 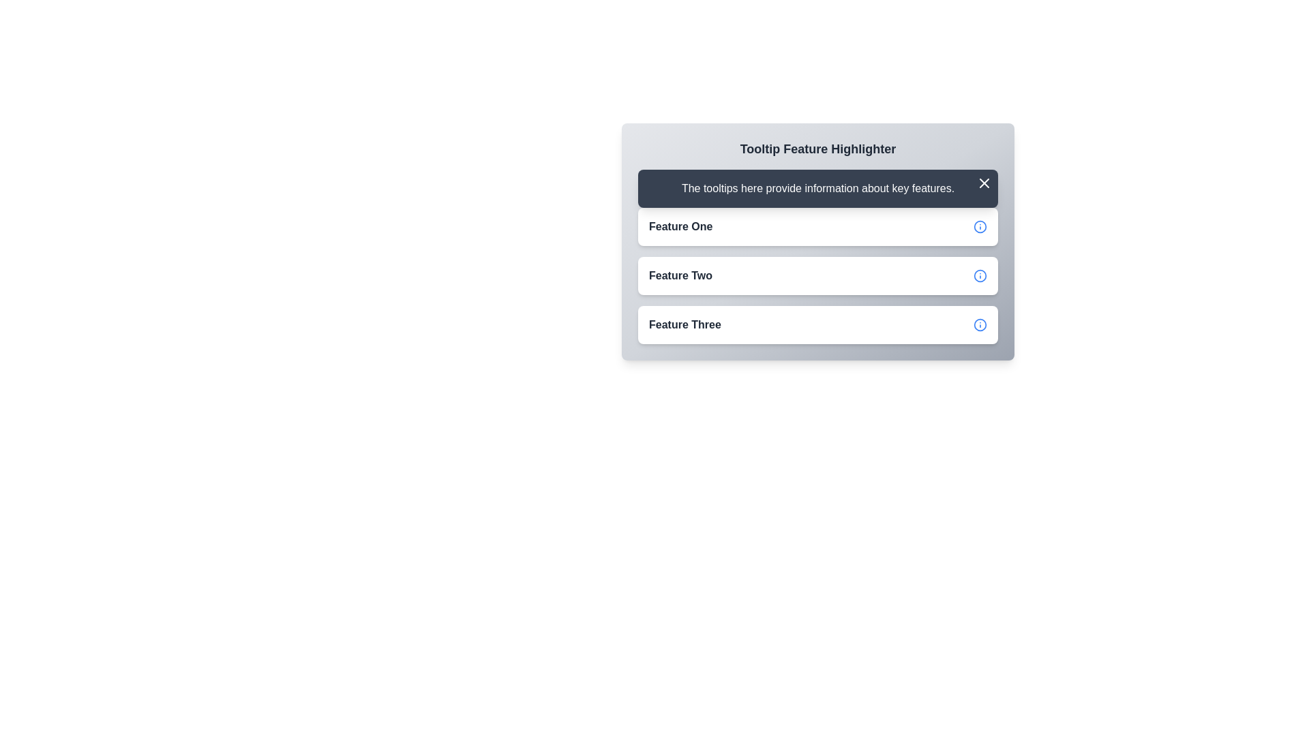 I want to click on the SVG Circle that is part of the icon located to the right of the 'Feature One' button, so click(x=980, y=226).